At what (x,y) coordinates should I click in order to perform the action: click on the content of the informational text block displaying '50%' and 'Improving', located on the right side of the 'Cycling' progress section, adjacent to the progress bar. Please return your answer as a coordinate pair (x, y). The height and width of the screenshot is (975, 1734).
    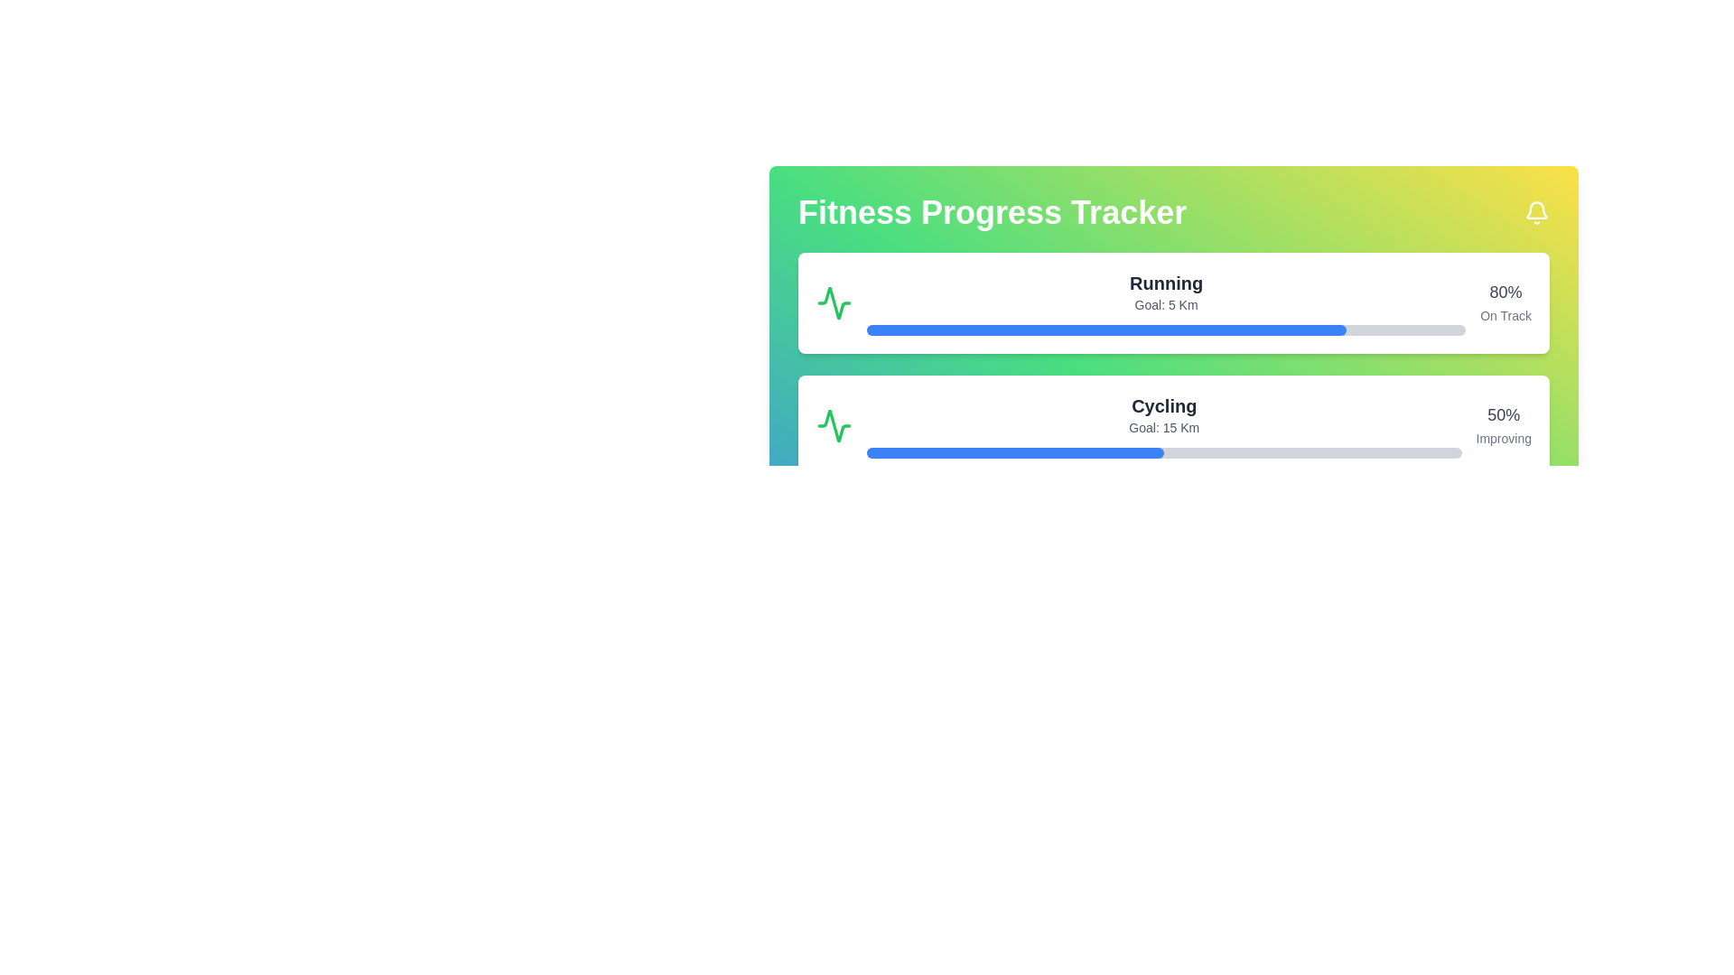
    Looking at the image, I should click on (1504, 425).